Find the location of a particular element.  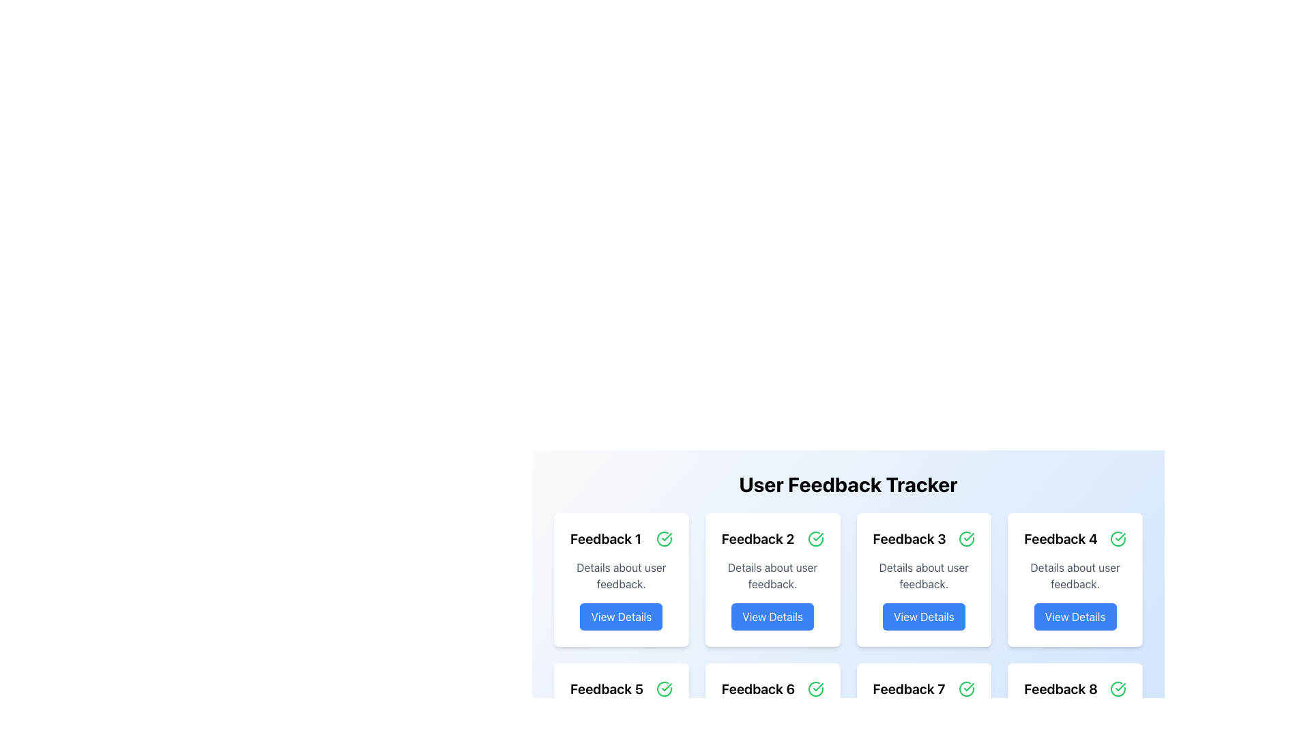

title text of the seventh feedback card, which is positioned in the lower row of the feedback grid, between 'Feedback 6' and 'Feedback 8' is located at coordinates (909, 689).